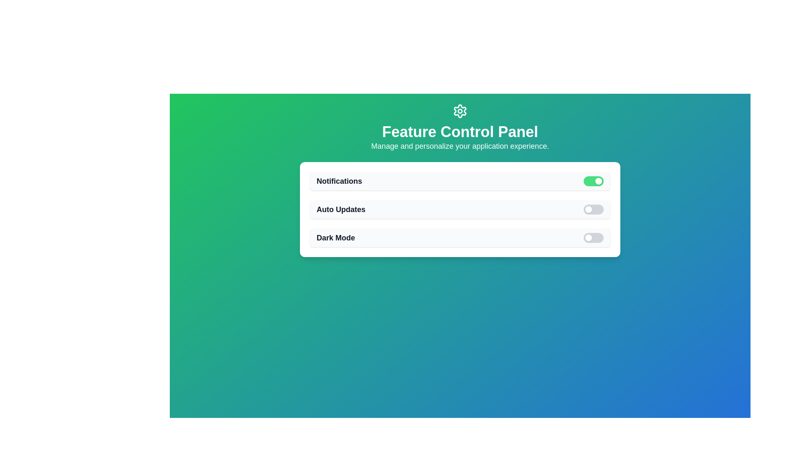 The image size is (801, 450). I want to click on the settings icon located at the center top of the 'Feature Control Panel', above the title text and aligned with it, so click(460, 110).